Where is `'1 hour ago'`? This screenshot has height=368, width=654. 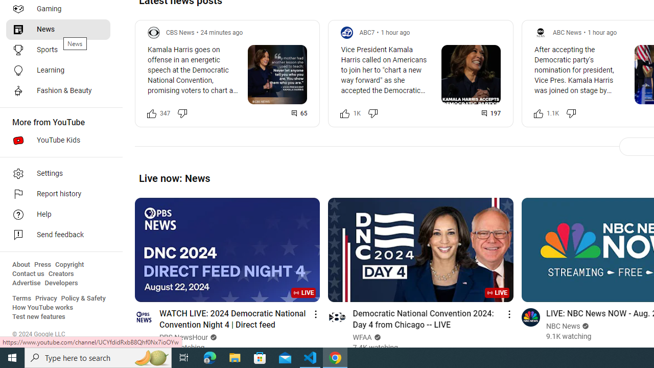 '1 hour ago' is located at coordinates (602, 32).